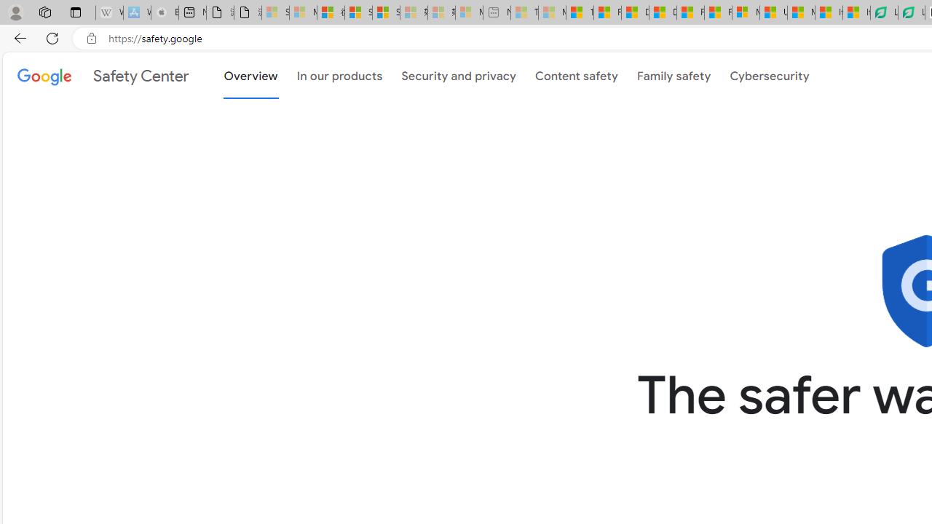  What do you see at coordinates (339, 76) in the screenshot?
I see `'In our products'` at bounding box center [339, 76].